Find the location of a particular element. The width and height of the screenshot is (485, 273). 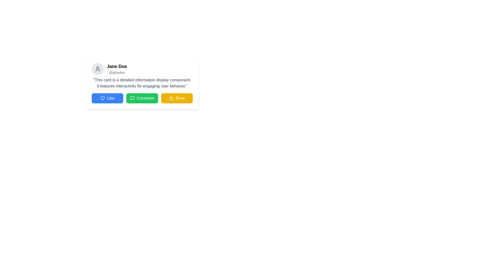

the 'Save' button, which is the third button in a row of three buttons, located immediately to the right of the green 'Comment' button is located at coordinates (177, 98).